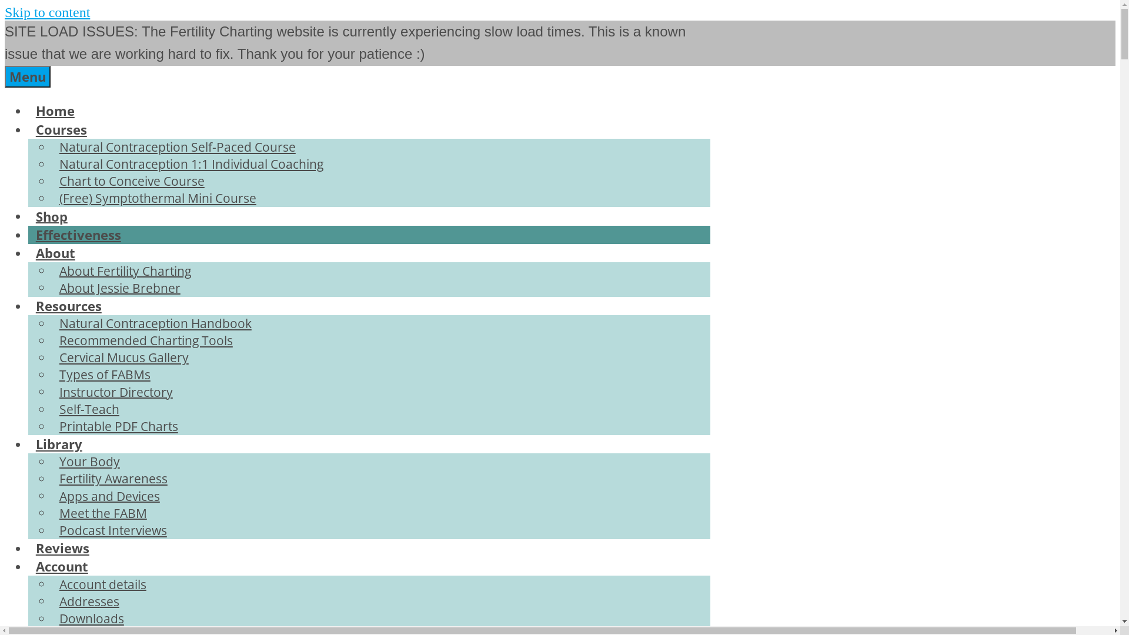  I want to click on 'Podcast Interviews', so click(113, 530).